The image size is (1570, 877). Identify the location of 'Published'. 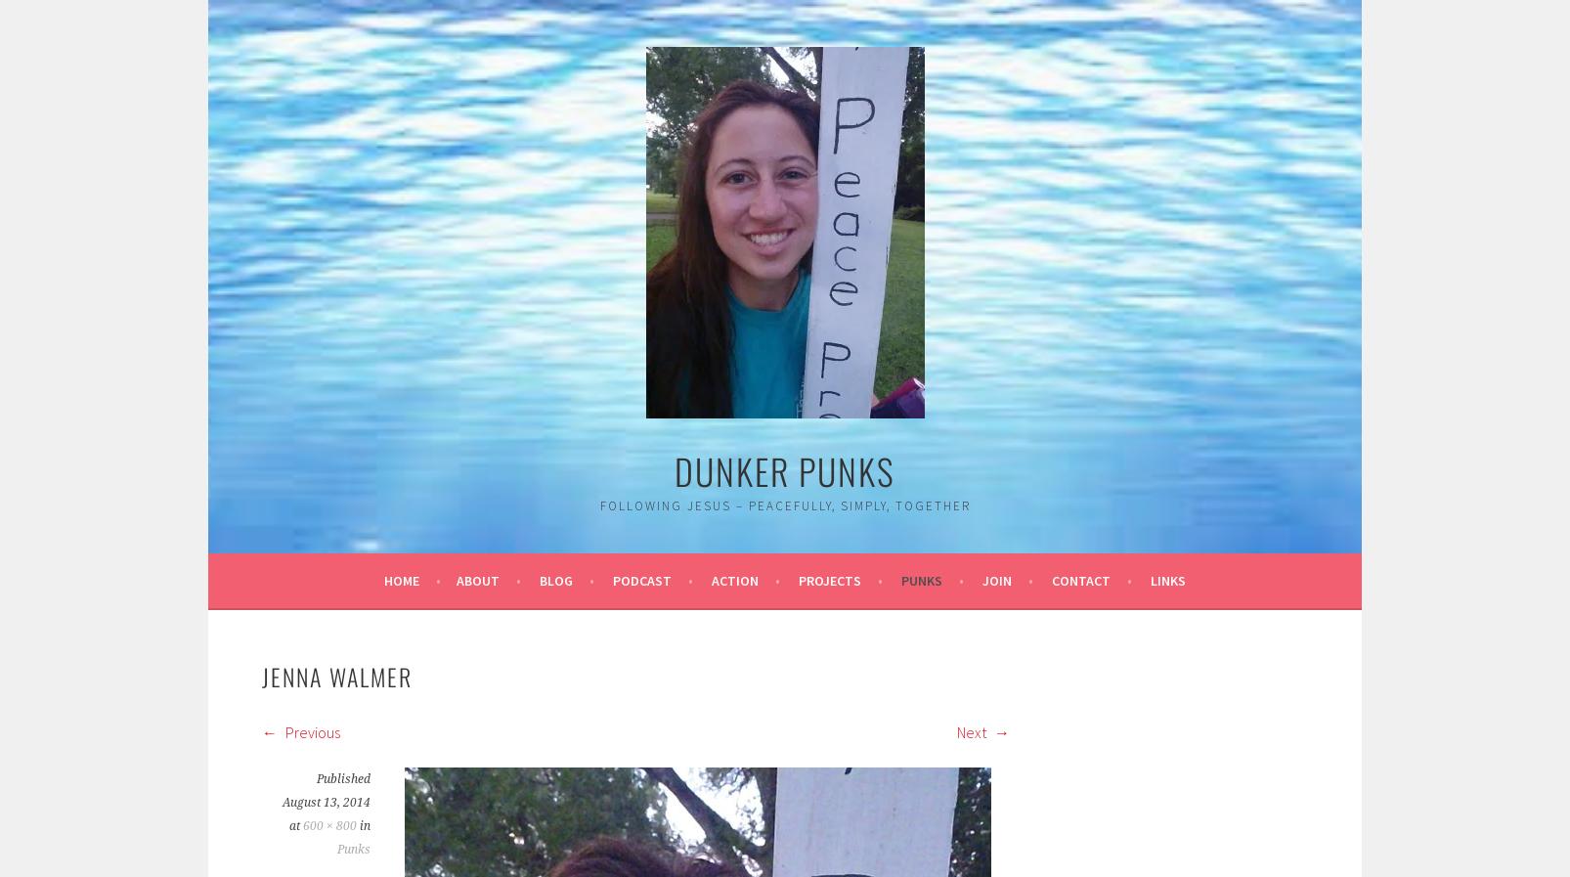
(342, 777).